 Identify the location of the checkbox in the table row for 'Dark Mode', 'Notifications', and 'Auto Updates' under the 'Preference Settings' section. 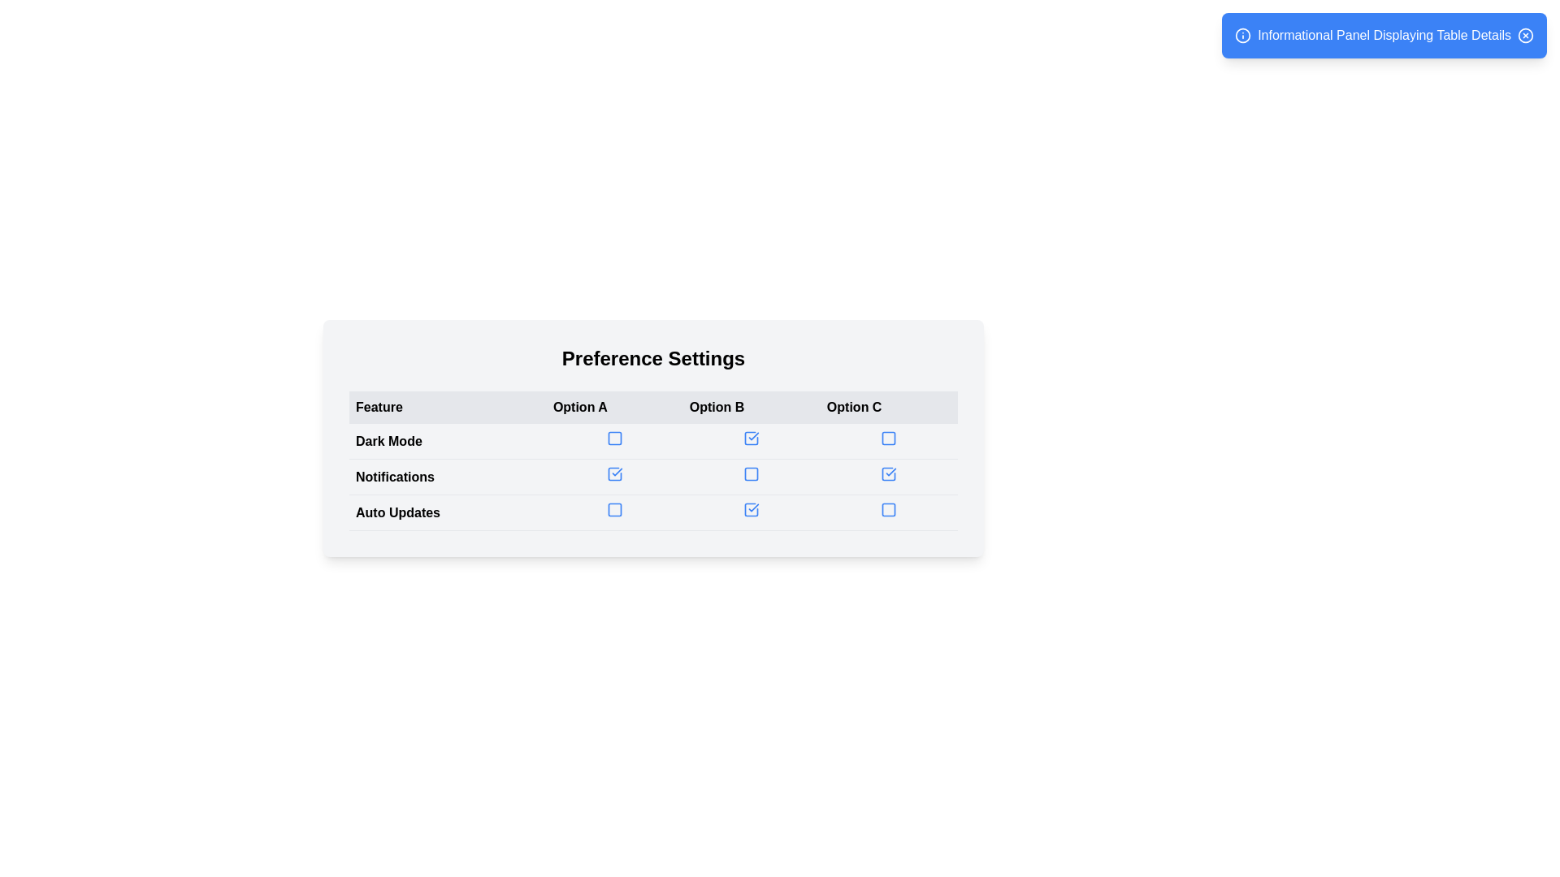
(653, 476).